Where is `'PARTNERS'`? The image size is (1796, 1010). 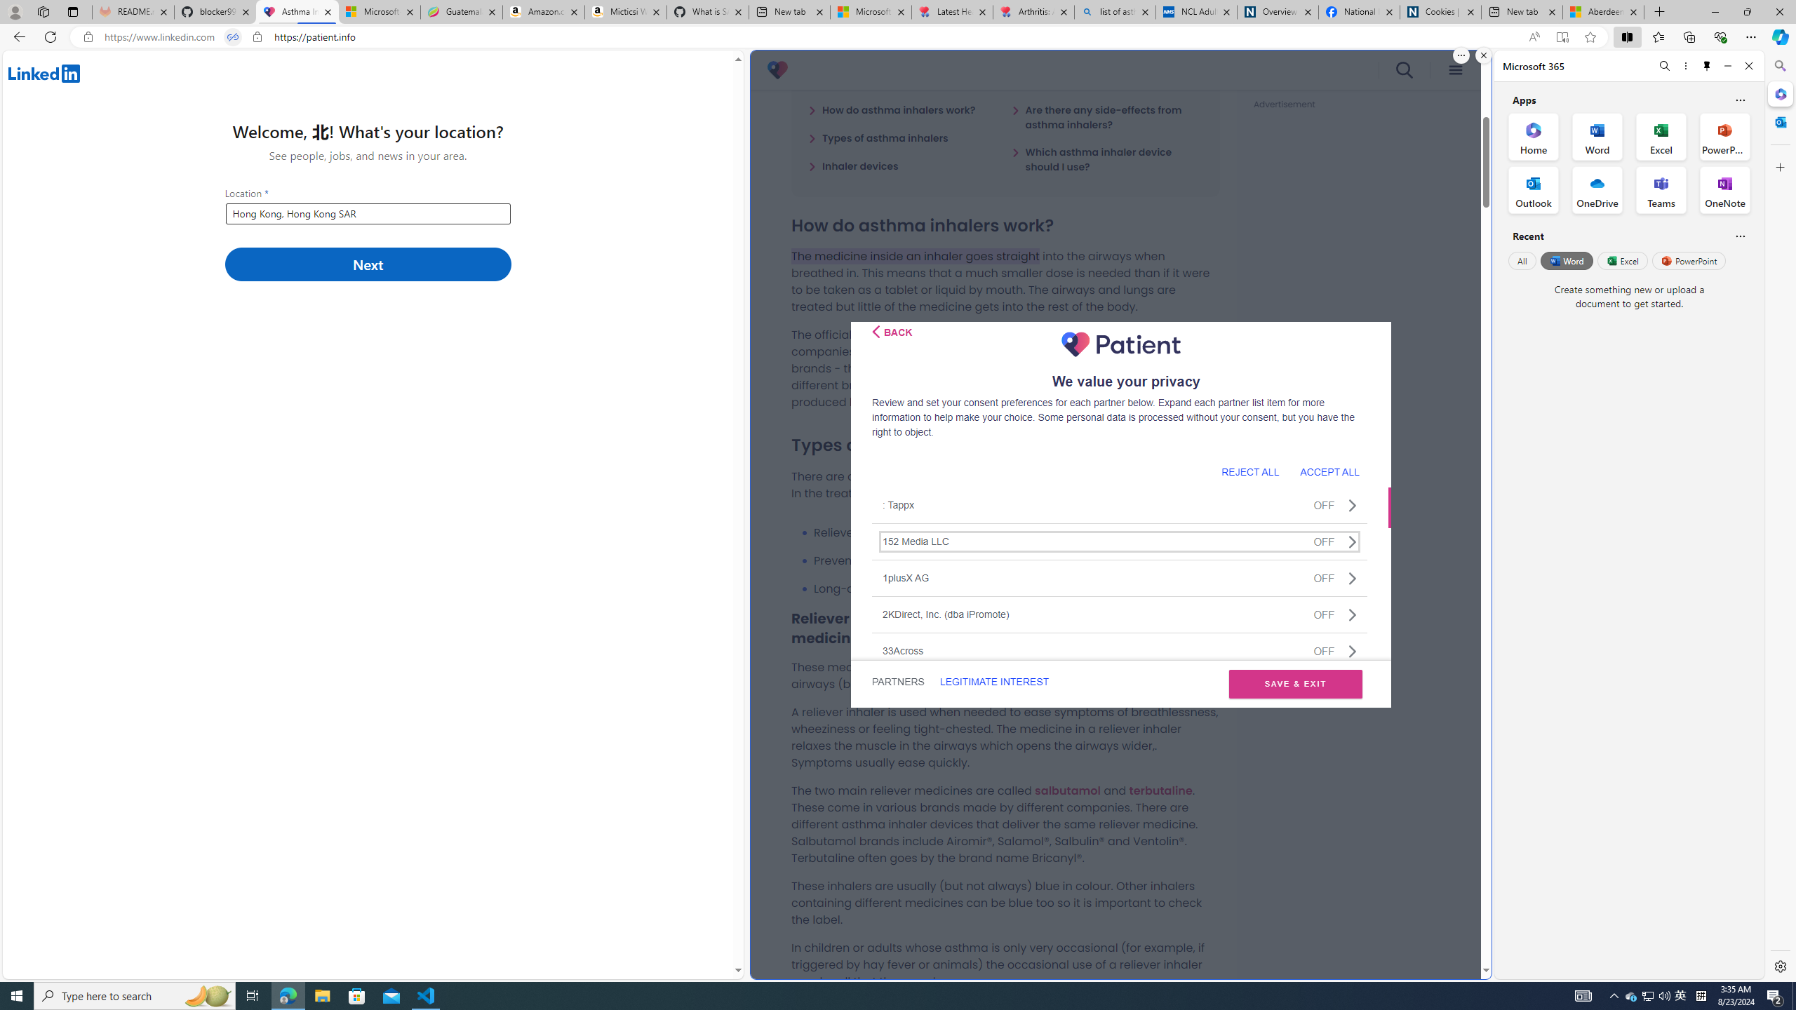
'PARTNERS' is located at coordinates (898, 682).